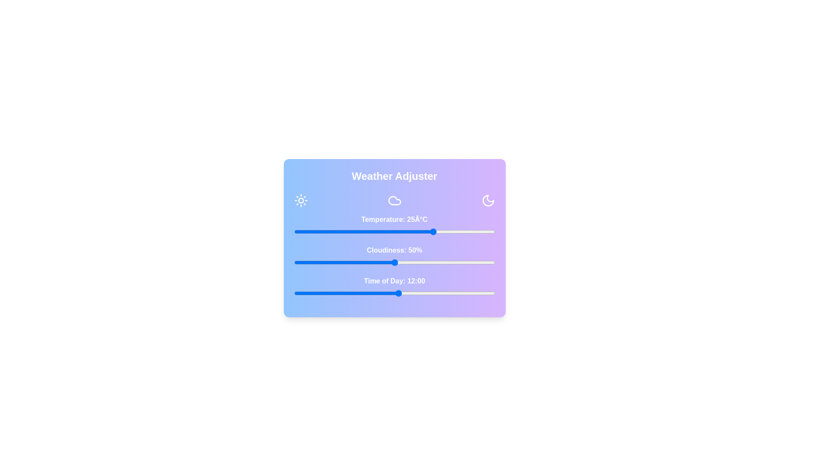  I want to click on the cloudiness level, so click(360, 262).